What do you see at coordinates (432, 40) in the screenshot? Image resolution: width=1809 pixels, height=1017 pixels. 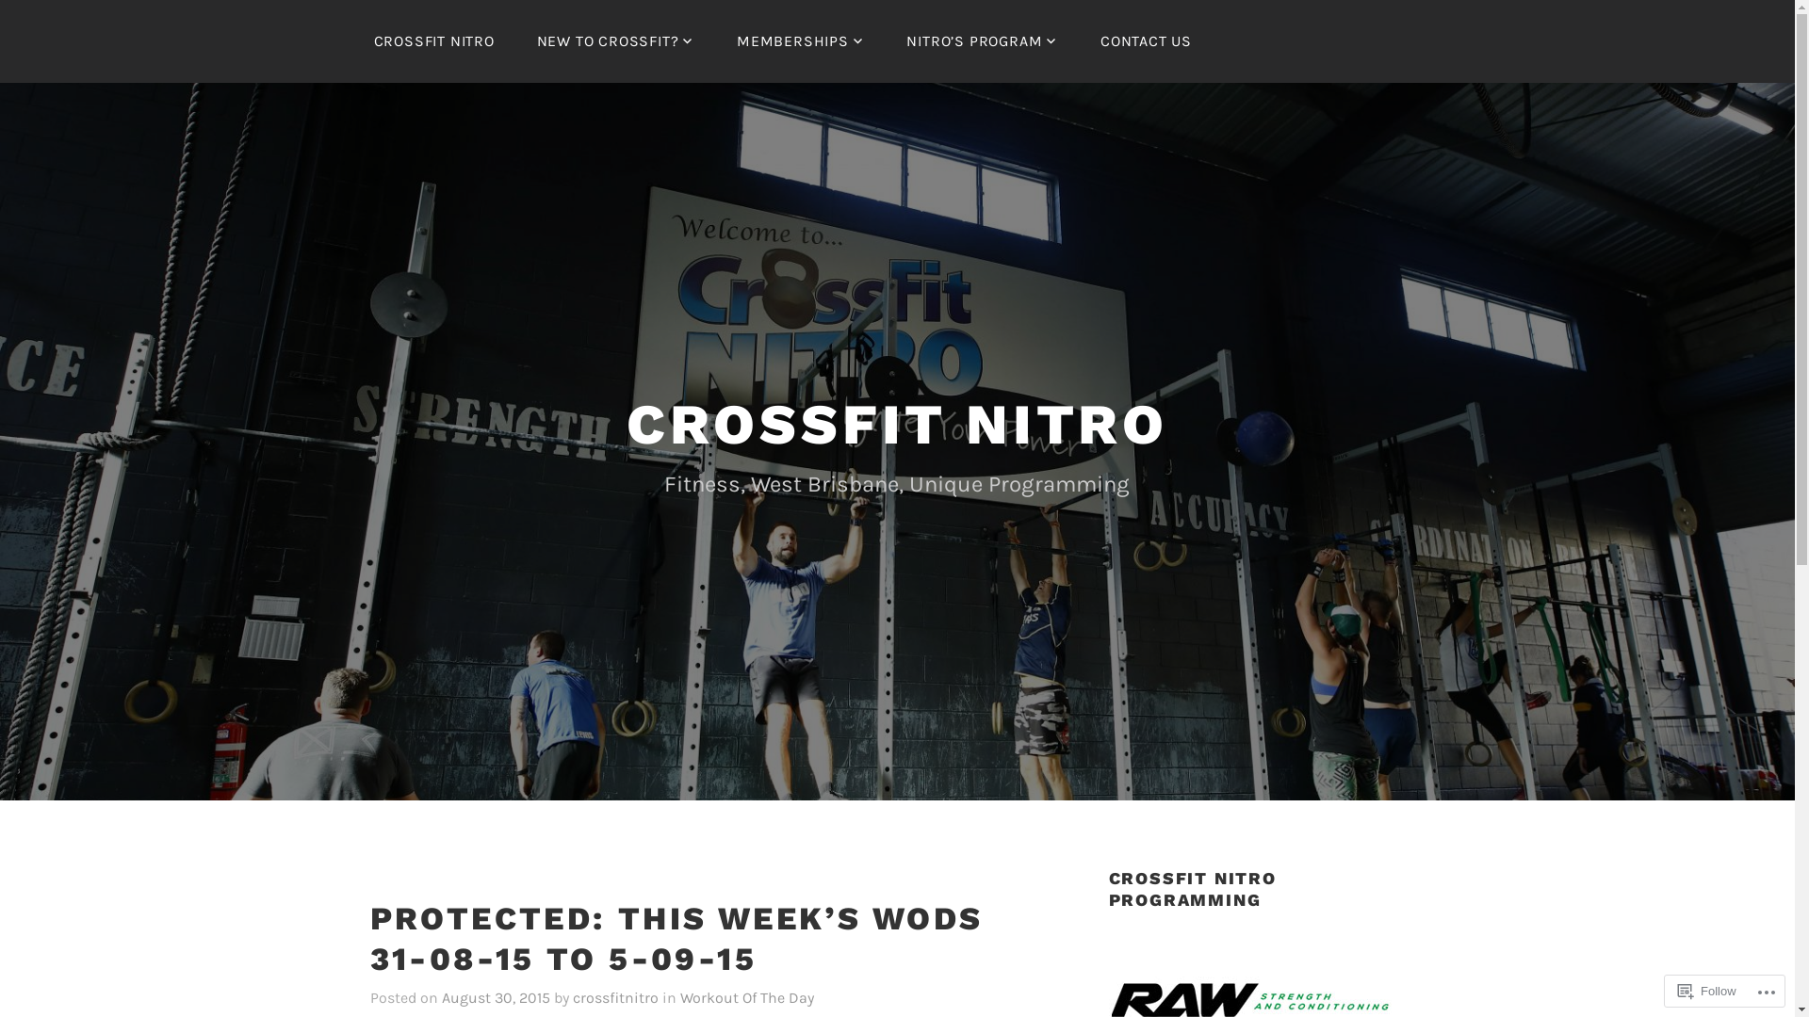 I see `'CROSSFIT NITRO'` at bounding box center [432, 40].